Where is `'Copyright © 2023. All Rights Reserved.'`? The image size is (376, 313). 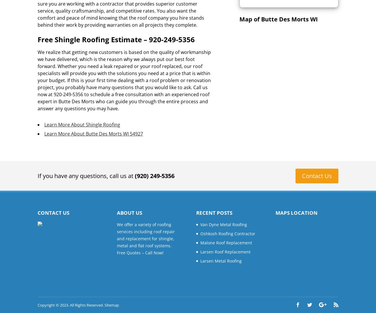
'Copyright © 2023. All Rights Reserved.' is located at coordinates (71, 305).